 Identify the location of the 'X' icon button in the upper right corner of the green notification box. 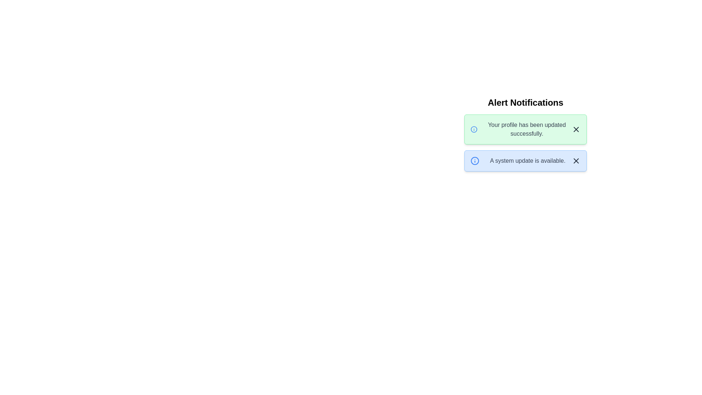
(575, 129).